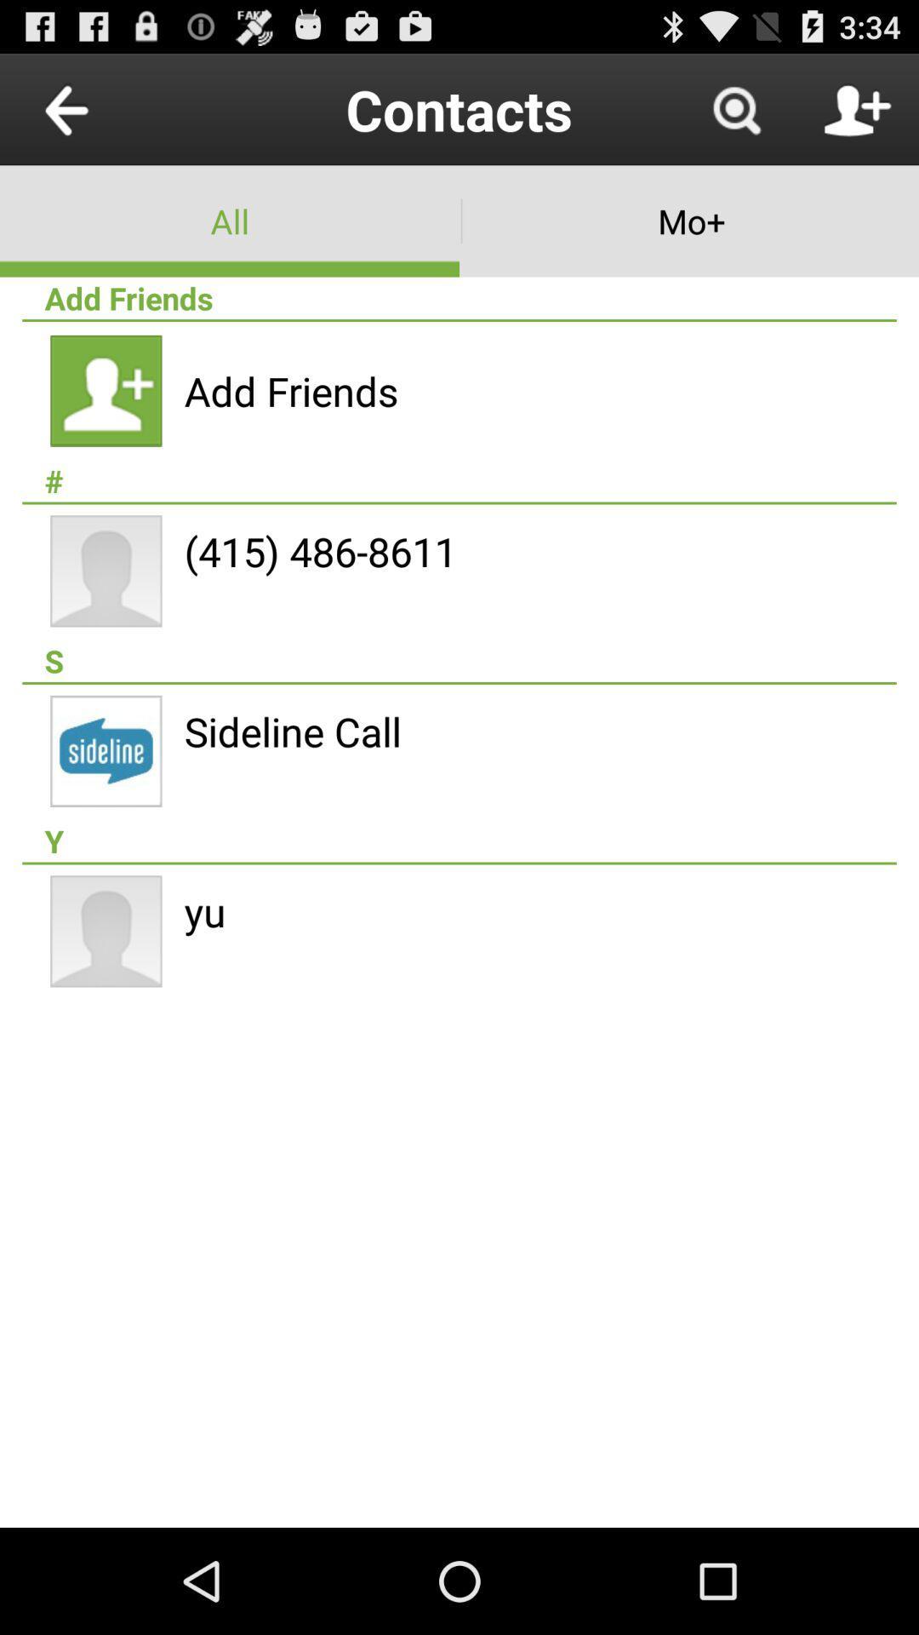 The width and height of the screenshot is (919, 1635). I want to click on the app next to the mo+ icon, so click(230, 220).